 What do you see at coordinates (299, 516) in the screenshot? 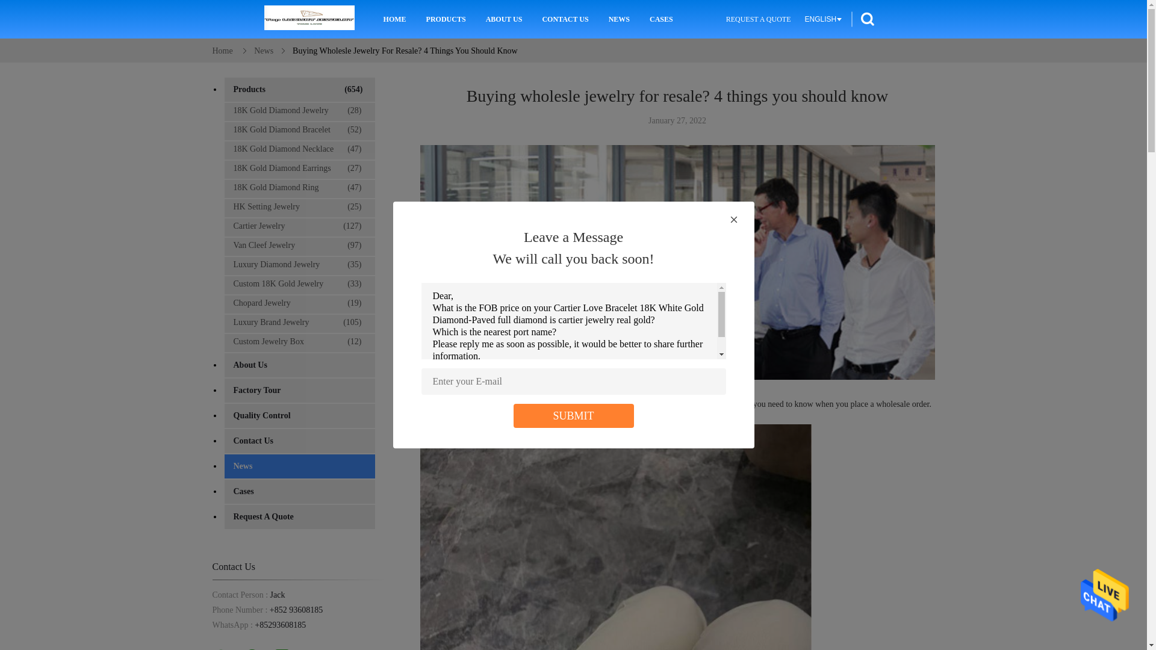
I see `'Request A Quote'` at bounding box center [299, 516].